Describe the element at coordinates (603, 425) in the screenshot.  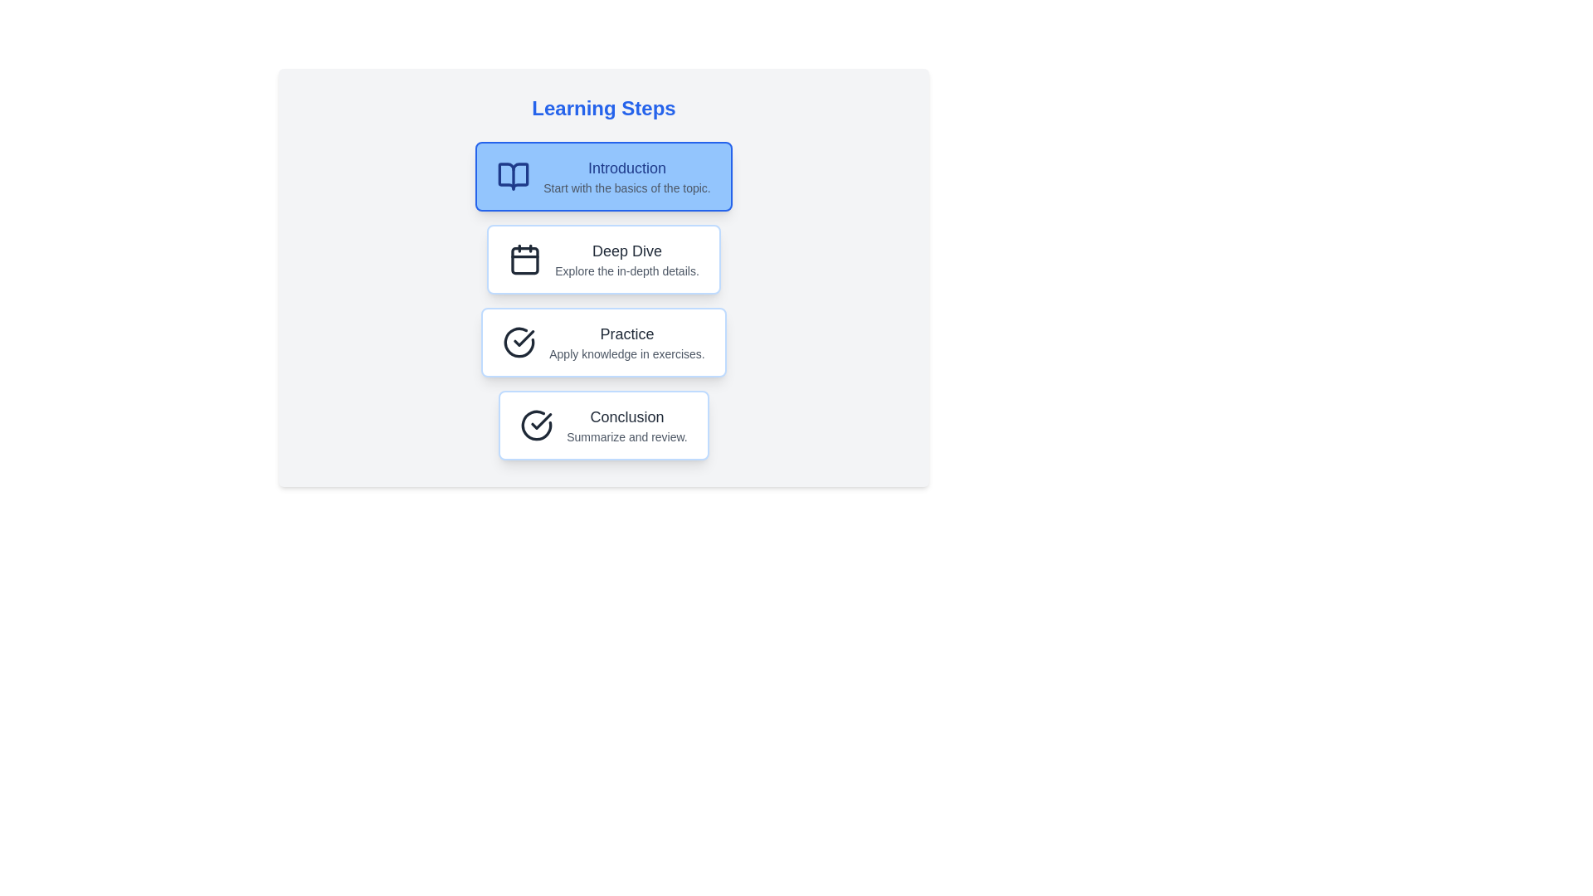
I see `text content of the 'Conclusion' section header located at the bottom of the vertically aligned list of sections including 'Introduction,' 'Deep Dive,' 'Practice,' and 'Conclusion.'` at that location.